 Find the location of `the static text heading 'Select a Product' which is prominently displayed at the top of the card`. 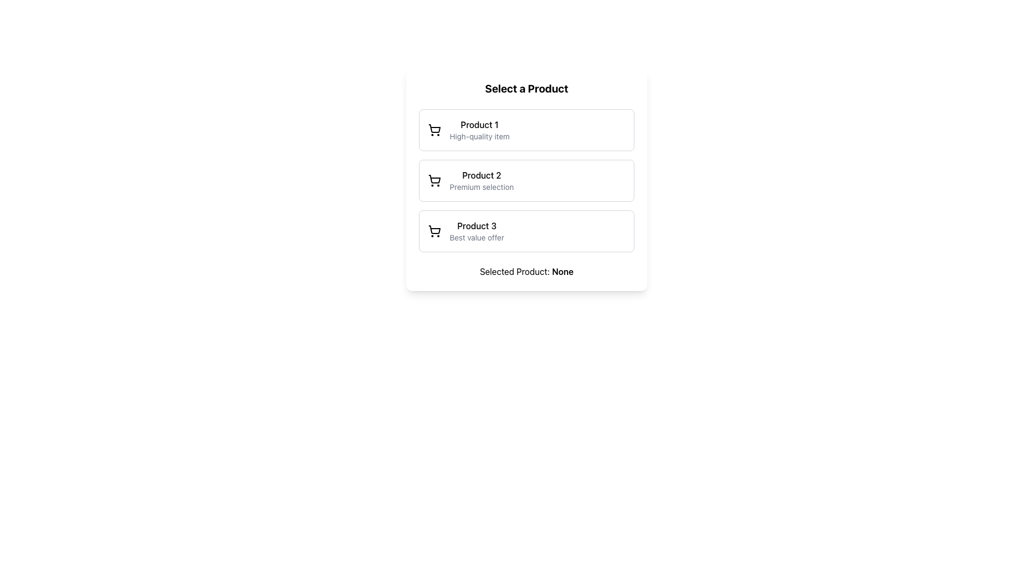

the static text heading 'Select a Product' which is prominently displayed at the top of the card is located at coordinates (527, 88).